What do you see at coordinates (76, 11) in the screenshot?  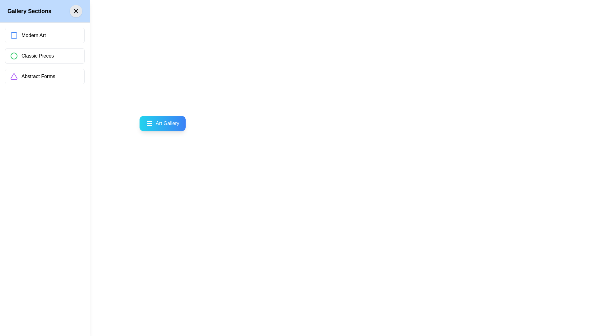 I see `the close button to close the drawer` at bounding box center [76, 11].